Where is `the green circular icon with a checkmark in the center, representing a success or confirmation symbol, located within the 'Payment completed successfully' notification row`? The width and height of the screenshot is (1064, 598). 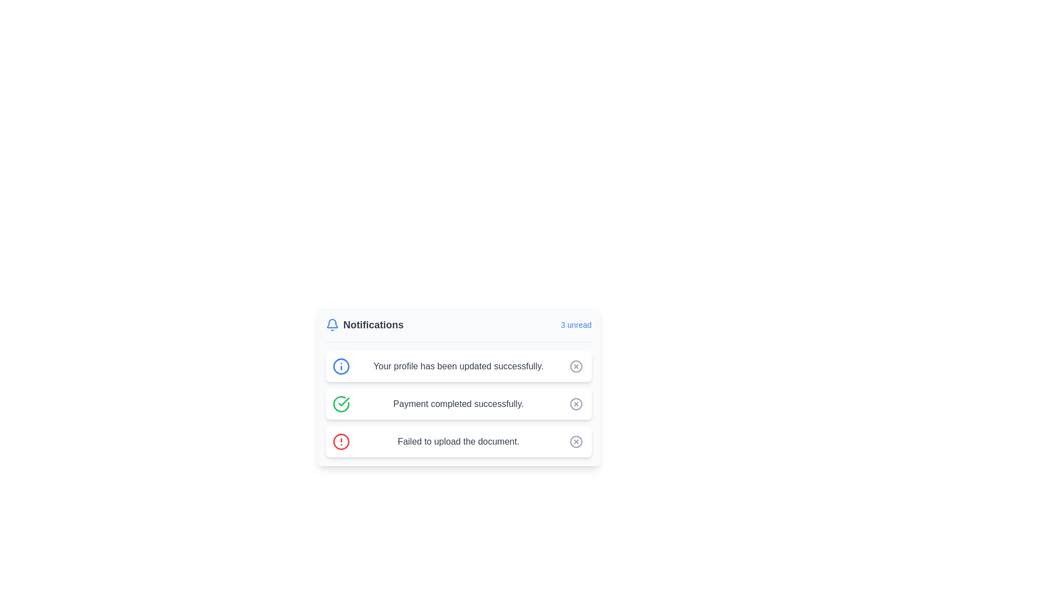 the green circular icon with a checkmark in the center, representing a success or confirmation symbol, located within the 'Payment completed successfully' notification row is located at coordinates (340, 404).